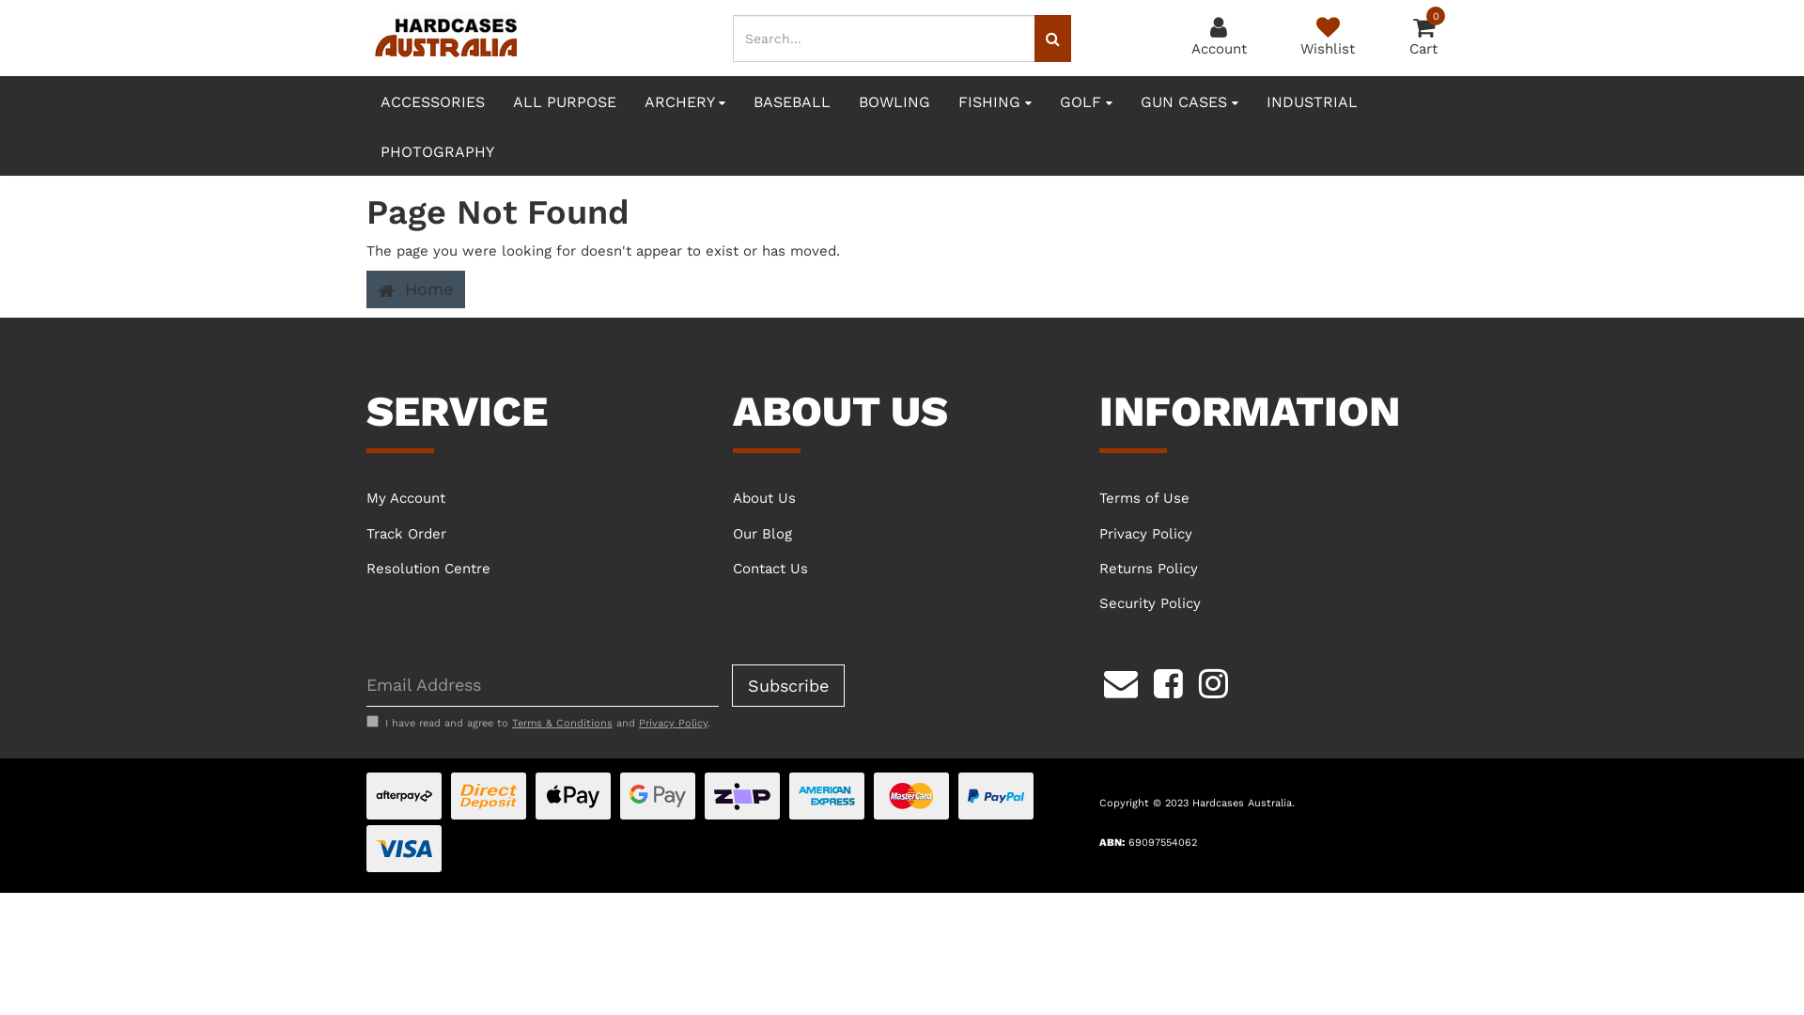  What do you see at coordinates (1213, 681) in the screenshot?
I see `'Instagram'` at bounding box center [1213, 681].